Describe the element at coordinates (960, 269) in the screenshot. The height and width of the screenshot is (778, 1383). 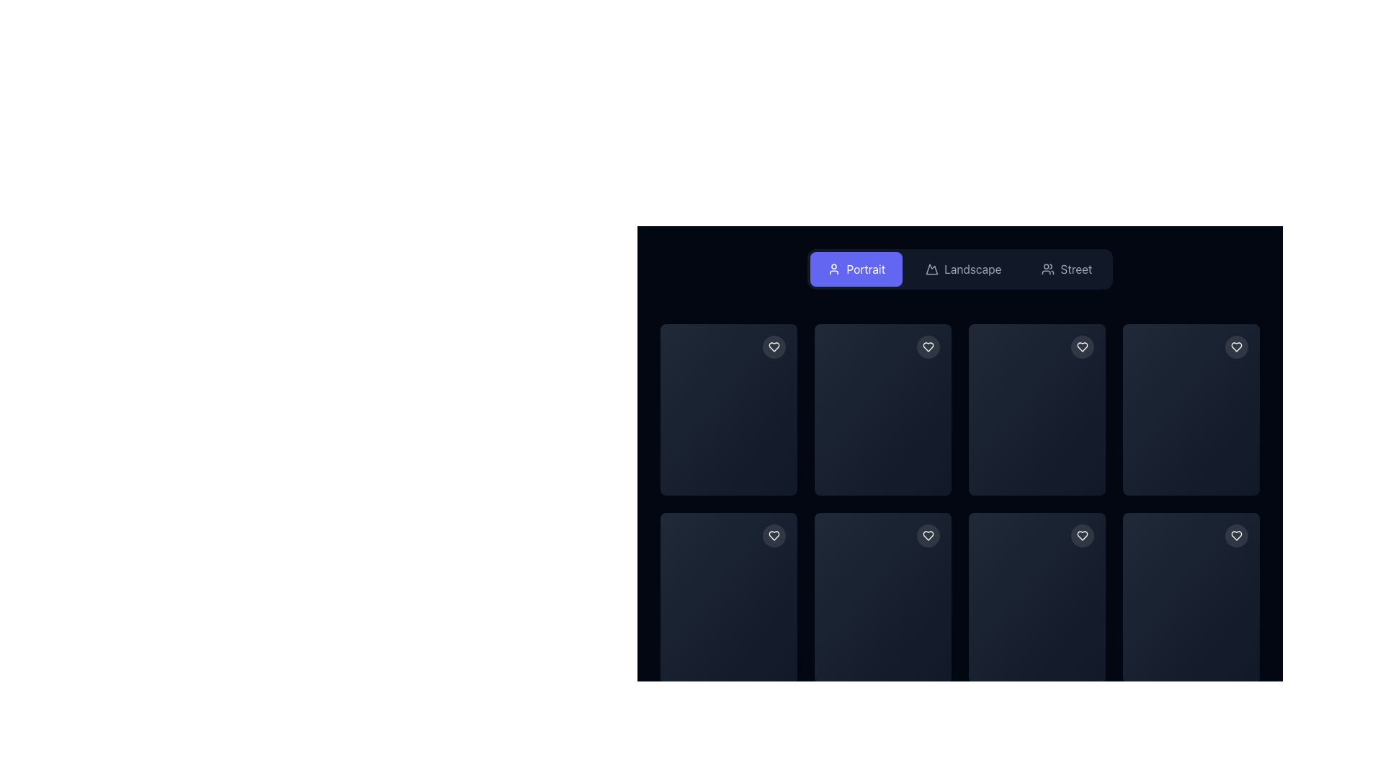
I see `the button group used for filtering items like 'Portrait', 'Landscape', or 'Street'` at that location.